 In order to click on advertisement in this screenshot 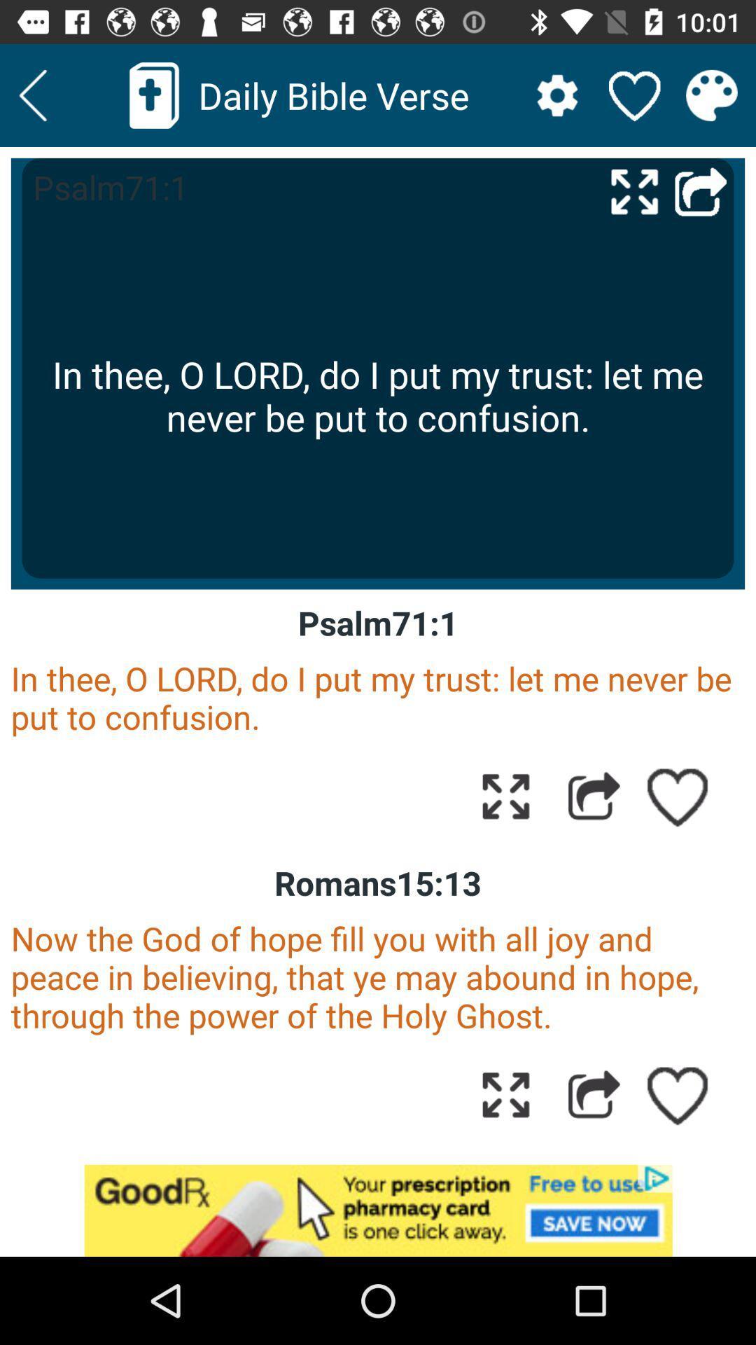, I will do `click(378, 1210)`.